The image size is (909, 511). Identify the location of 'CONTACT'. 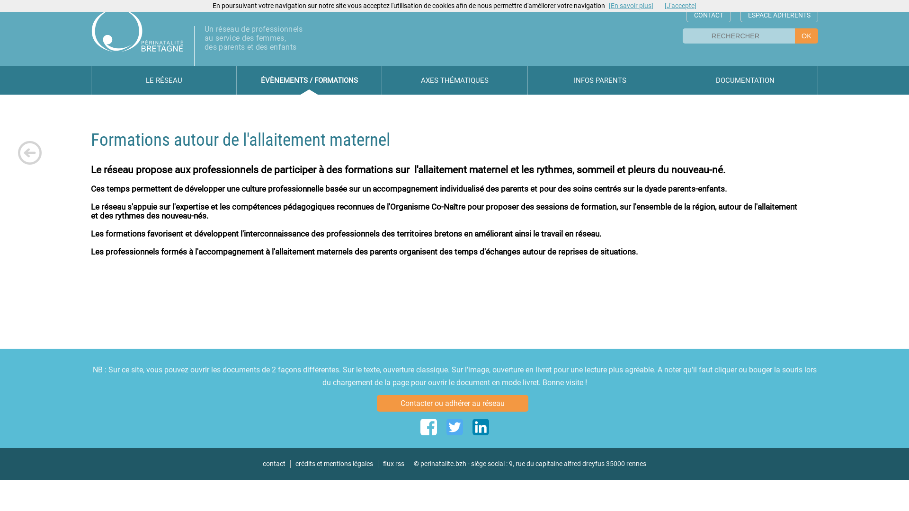
(709, 15).